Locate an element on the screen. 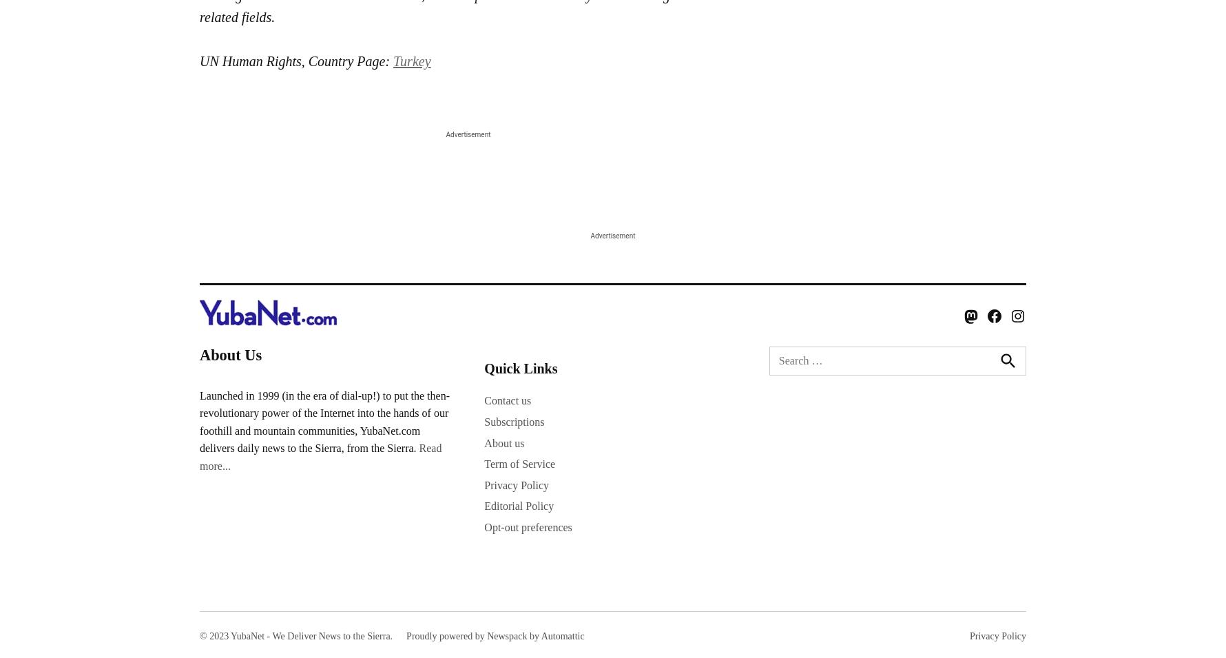  'Quick Links' is located at coordinates (520, 368).